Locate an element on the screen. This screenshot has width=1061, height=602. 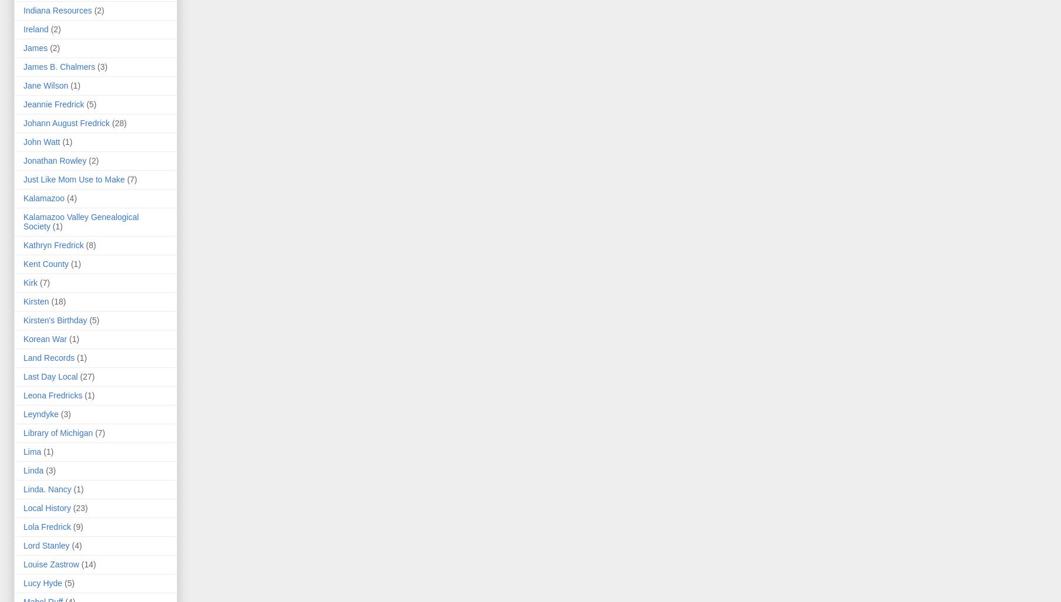
'(28)' is located at coordinates (119, 123).